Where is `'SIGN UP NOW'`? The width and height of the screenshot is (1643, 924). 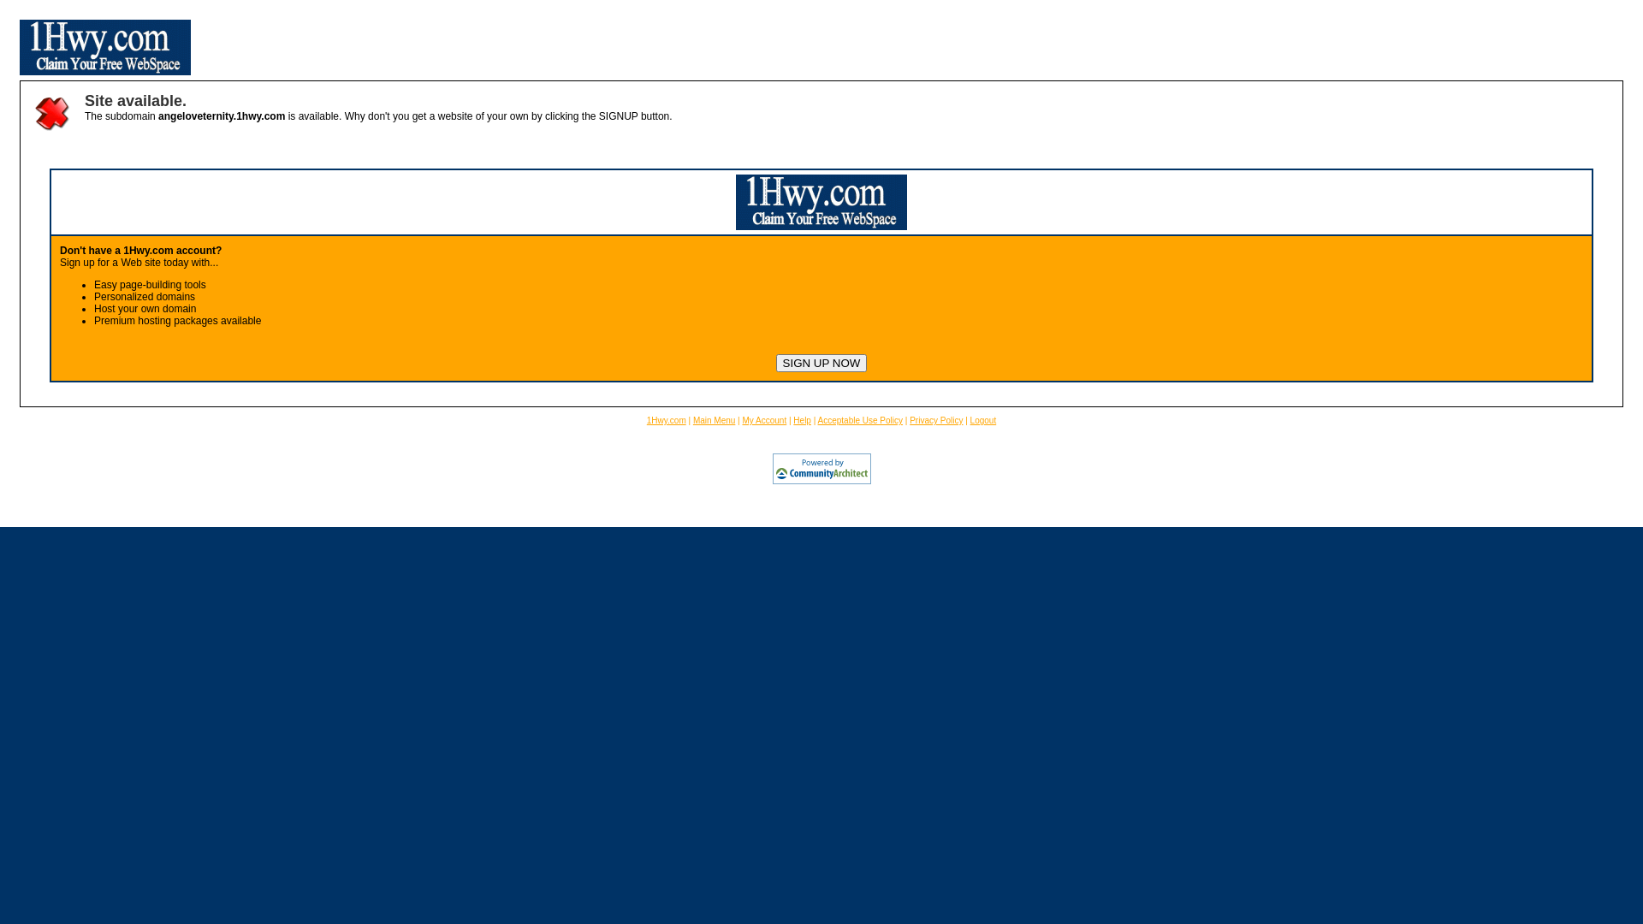 'SIGN UP NOW' is located at coordinates (821, 362).